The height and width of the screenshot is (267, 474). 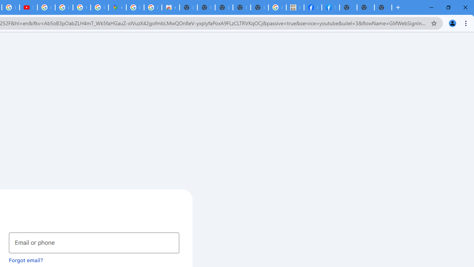 I want to click on 'Sign Up for Facebook', so click(x=330, y=7).